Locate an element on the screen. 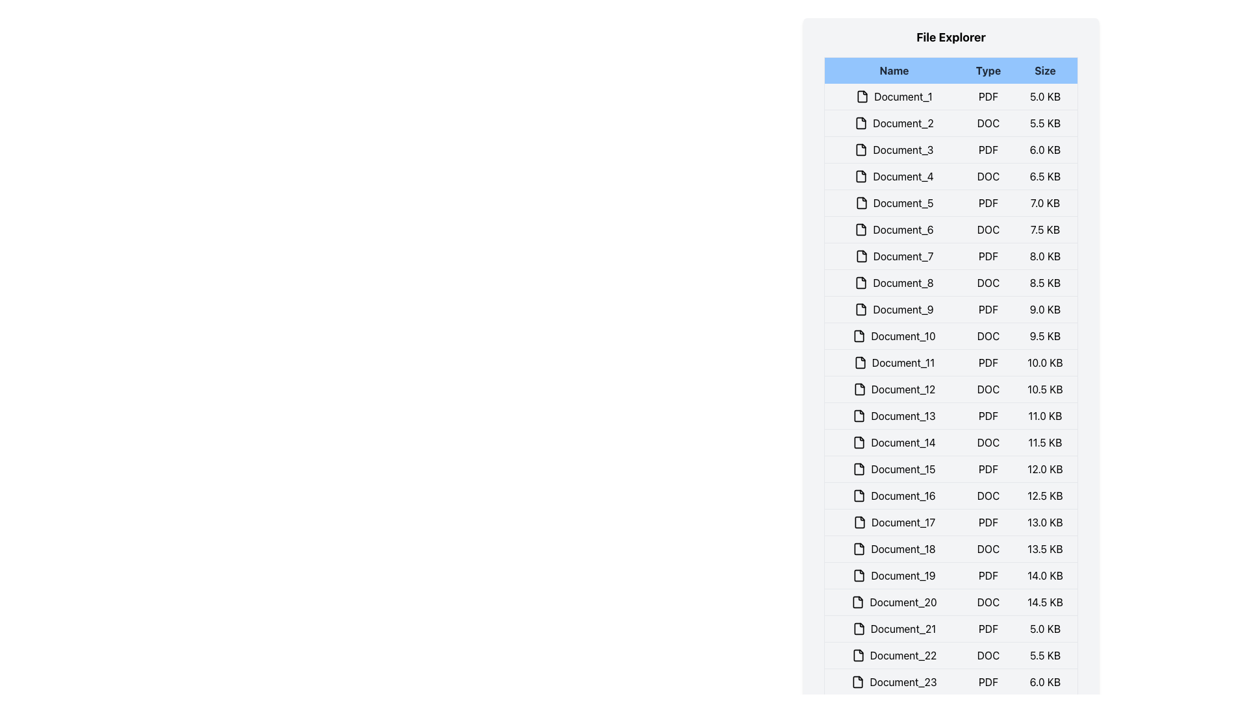  the graphical icon component resembling a document with a folded corner, which is part of a list in a file explorer interface, aligned with 'Document_18' is located at coordinates (859, 548).